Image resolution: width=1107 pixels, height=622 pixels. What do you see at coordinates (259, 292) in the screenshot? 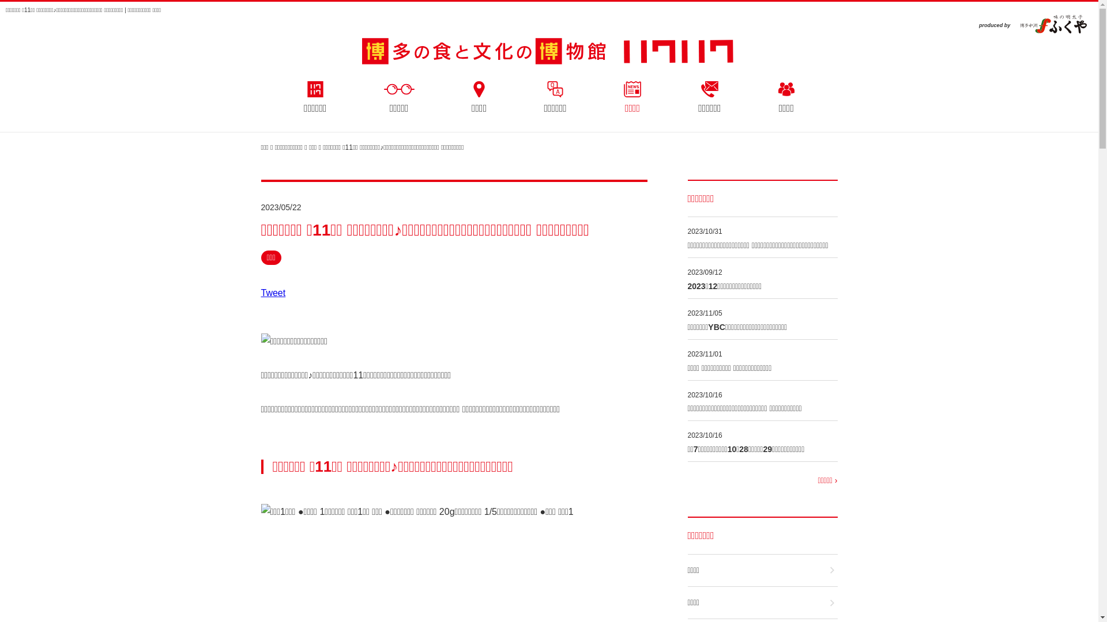
I see `'Tweet'` at bounding box center [259, 292].